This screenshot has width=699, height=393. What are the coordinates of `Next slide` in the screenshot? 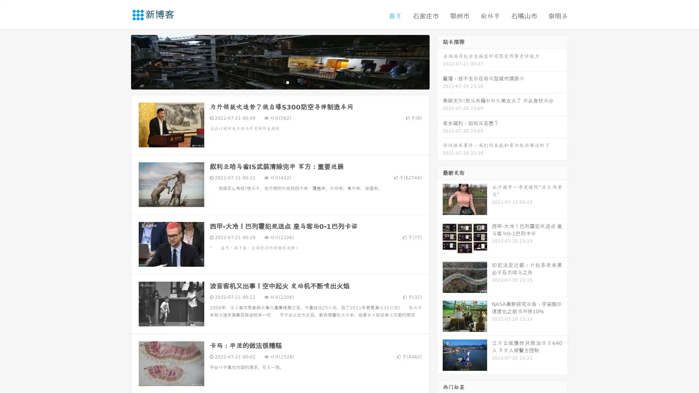 It's located at (440, 61).